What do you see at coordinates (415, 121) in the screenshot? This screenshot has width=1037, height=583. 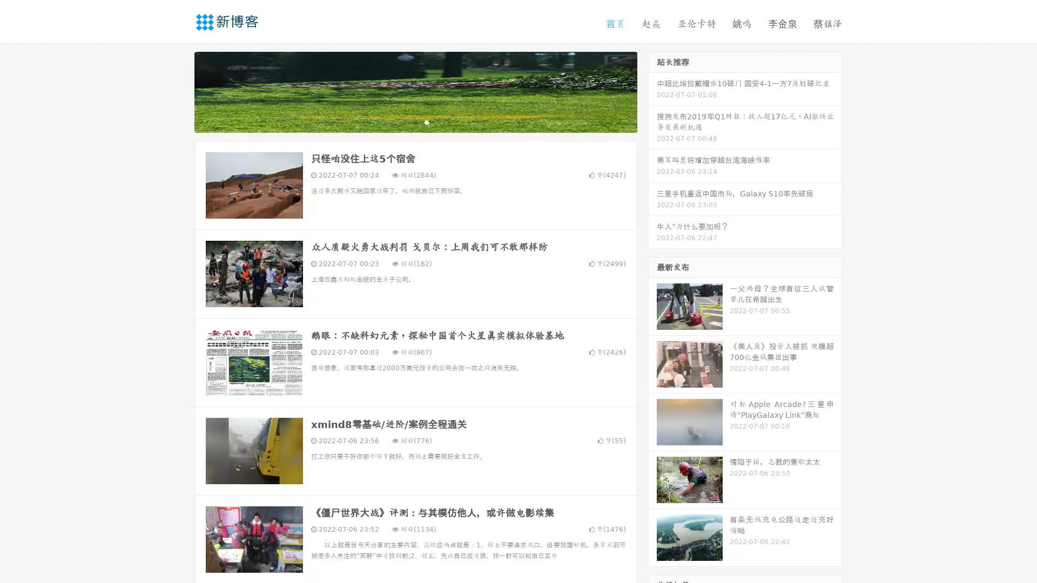 I see `Go to slide 2` at bounding box center [415, 121].